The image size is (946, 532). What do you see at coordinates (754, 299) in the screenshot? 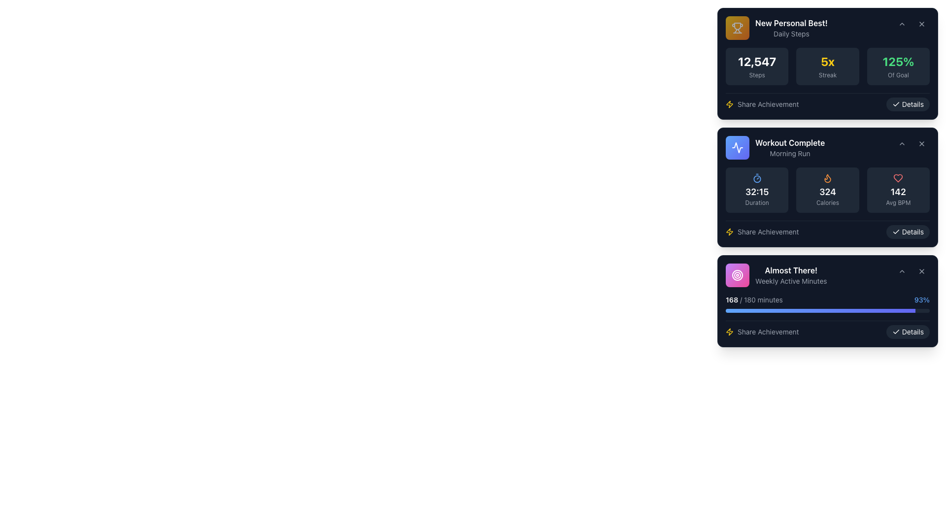
I see `the text label indicating the progress of weekly active minutes, which displays '168' out of '180', located at the bottom-most card of the vertical stack, near the top-left corner adjacent to a progress bar and a percentage value ('93%')` at bounding box center [754, 299].